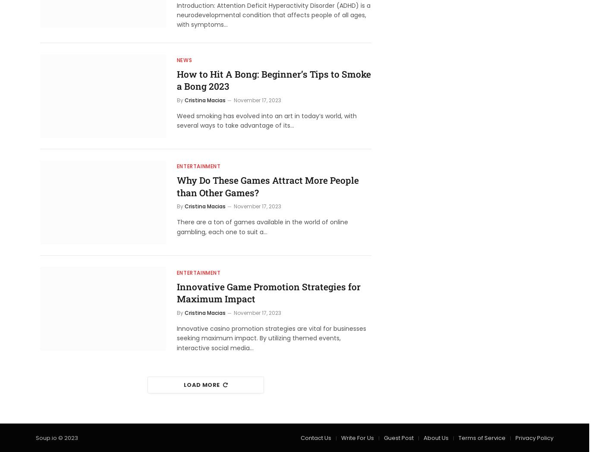 This screenshot has height=452, width=597. Describe the element at coordinates (384, 438) in the screenshot. I see `'Guest Post'` at that location.